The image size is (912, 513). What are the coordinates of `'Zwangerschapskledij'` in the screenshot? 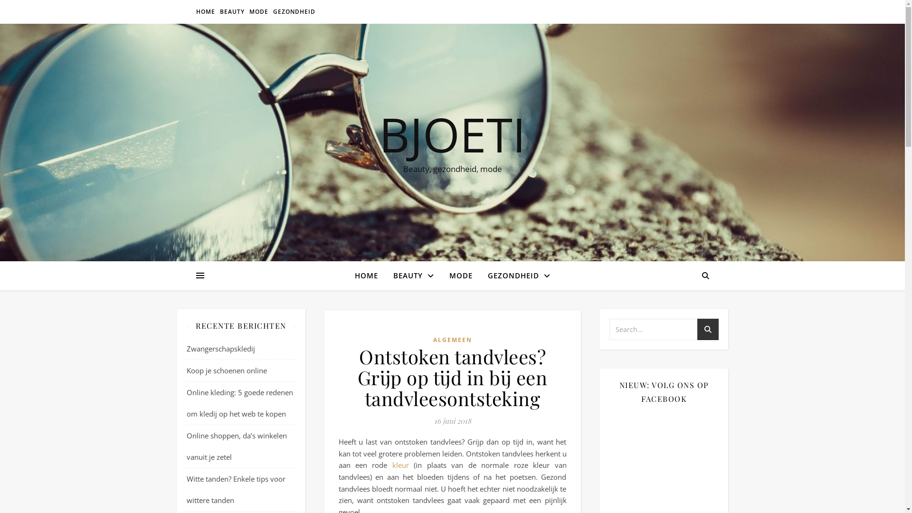 It's located at (186, 348).